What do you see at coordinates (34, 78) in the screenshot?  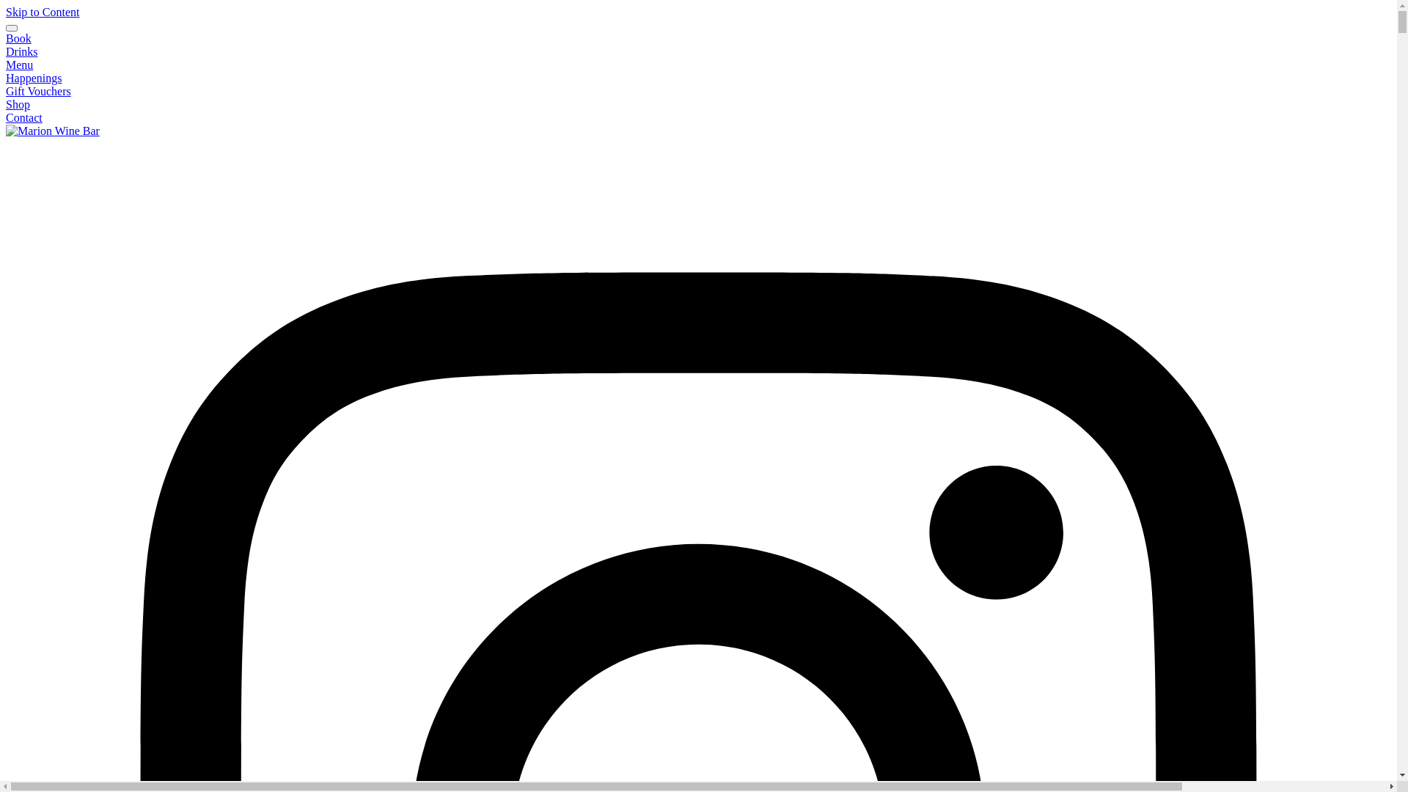 I see `'Happenings'` at bounding box center [34, 78].